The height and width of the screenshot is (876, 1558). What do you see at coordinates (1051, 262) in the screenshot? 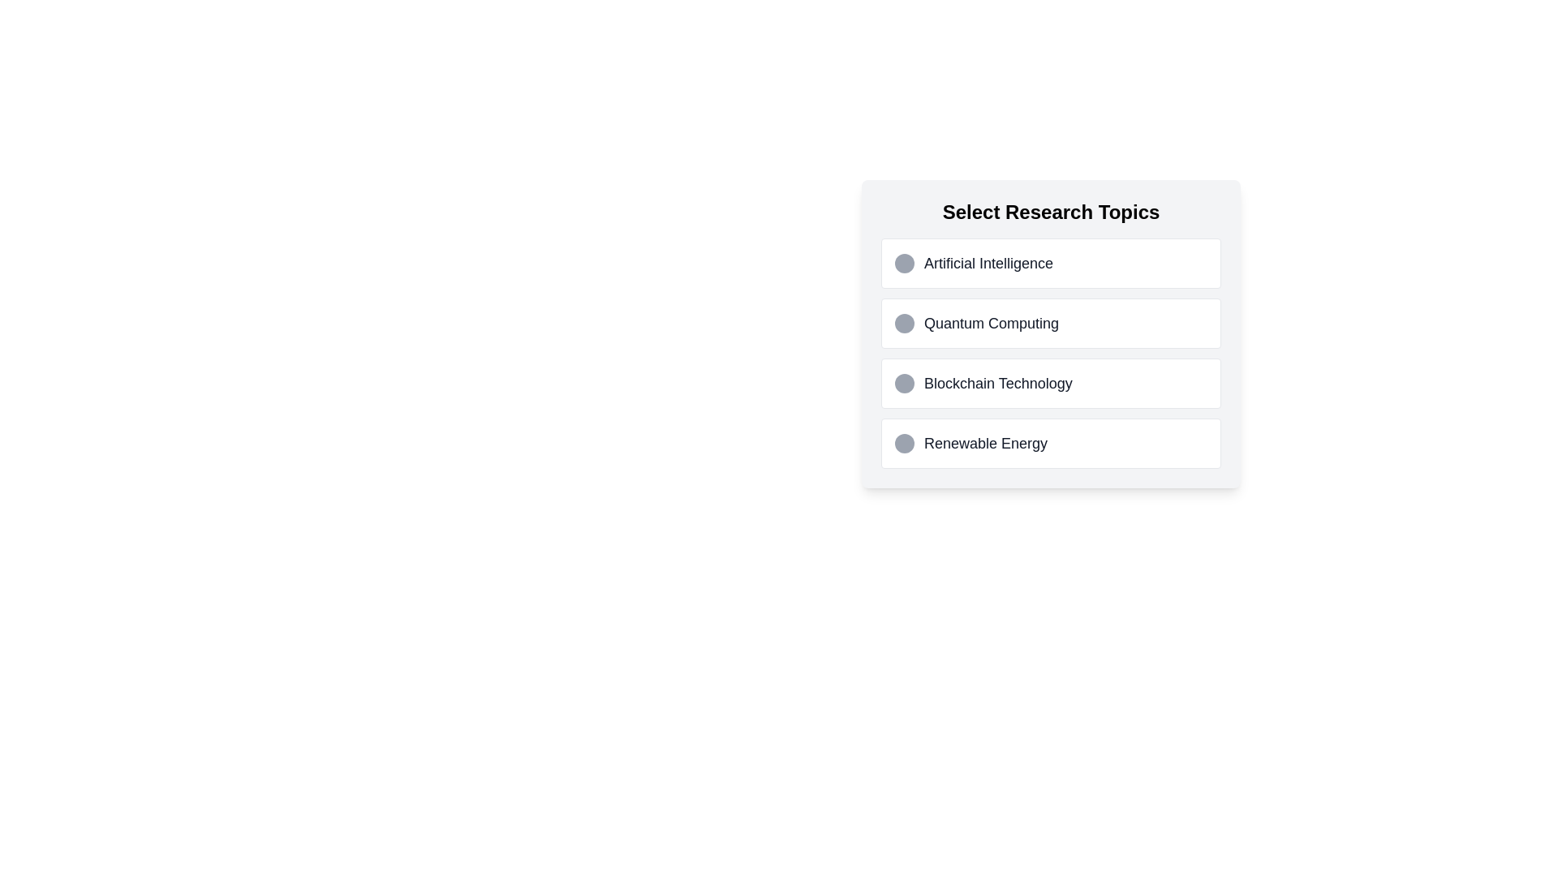
I see `the selectable list item labeled 'Artificial Intelligence'` at bounding box center [1051, 262].